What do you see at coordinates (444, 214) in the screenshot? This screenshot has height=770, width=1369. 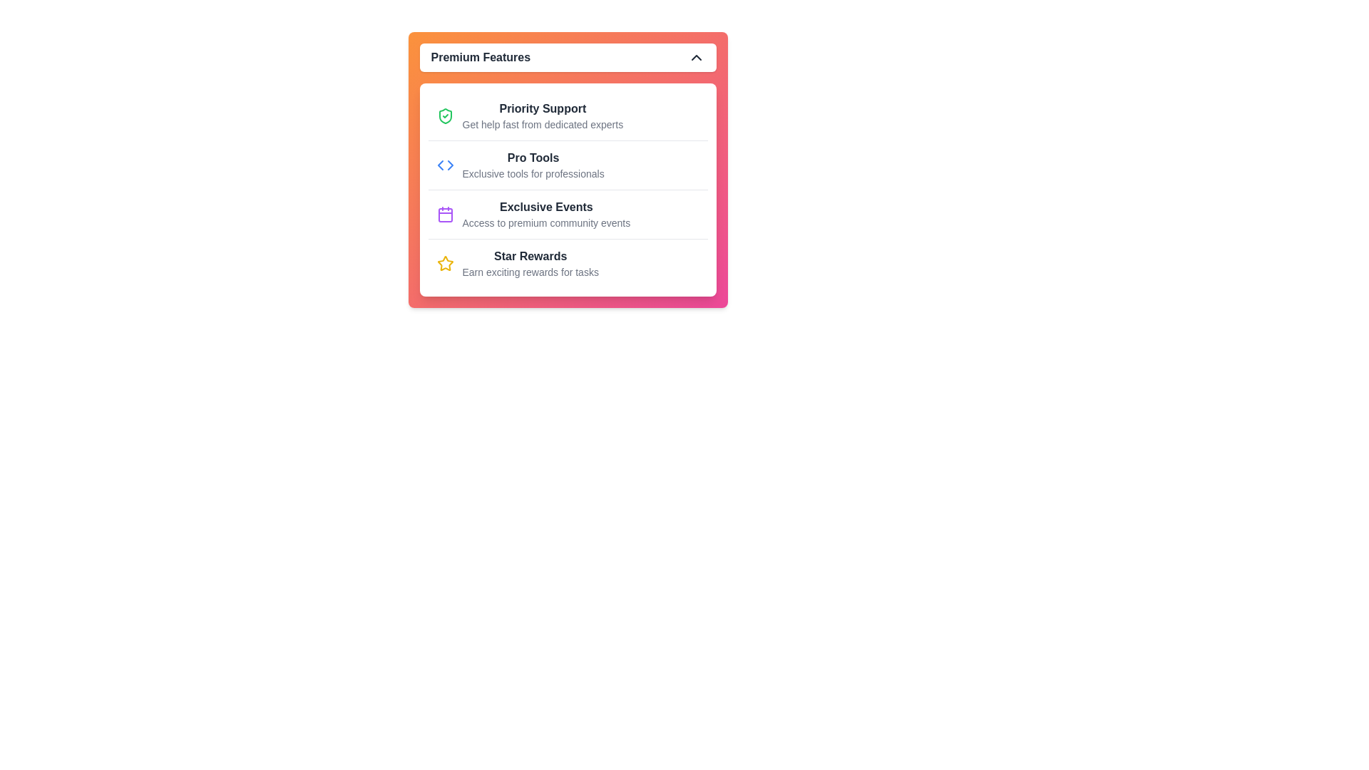 I see `the calendar icon located in the third row of the 'Premium Features' panel, which is associated with the text 'Exclusive Events'` at bounding box center [444, 214].